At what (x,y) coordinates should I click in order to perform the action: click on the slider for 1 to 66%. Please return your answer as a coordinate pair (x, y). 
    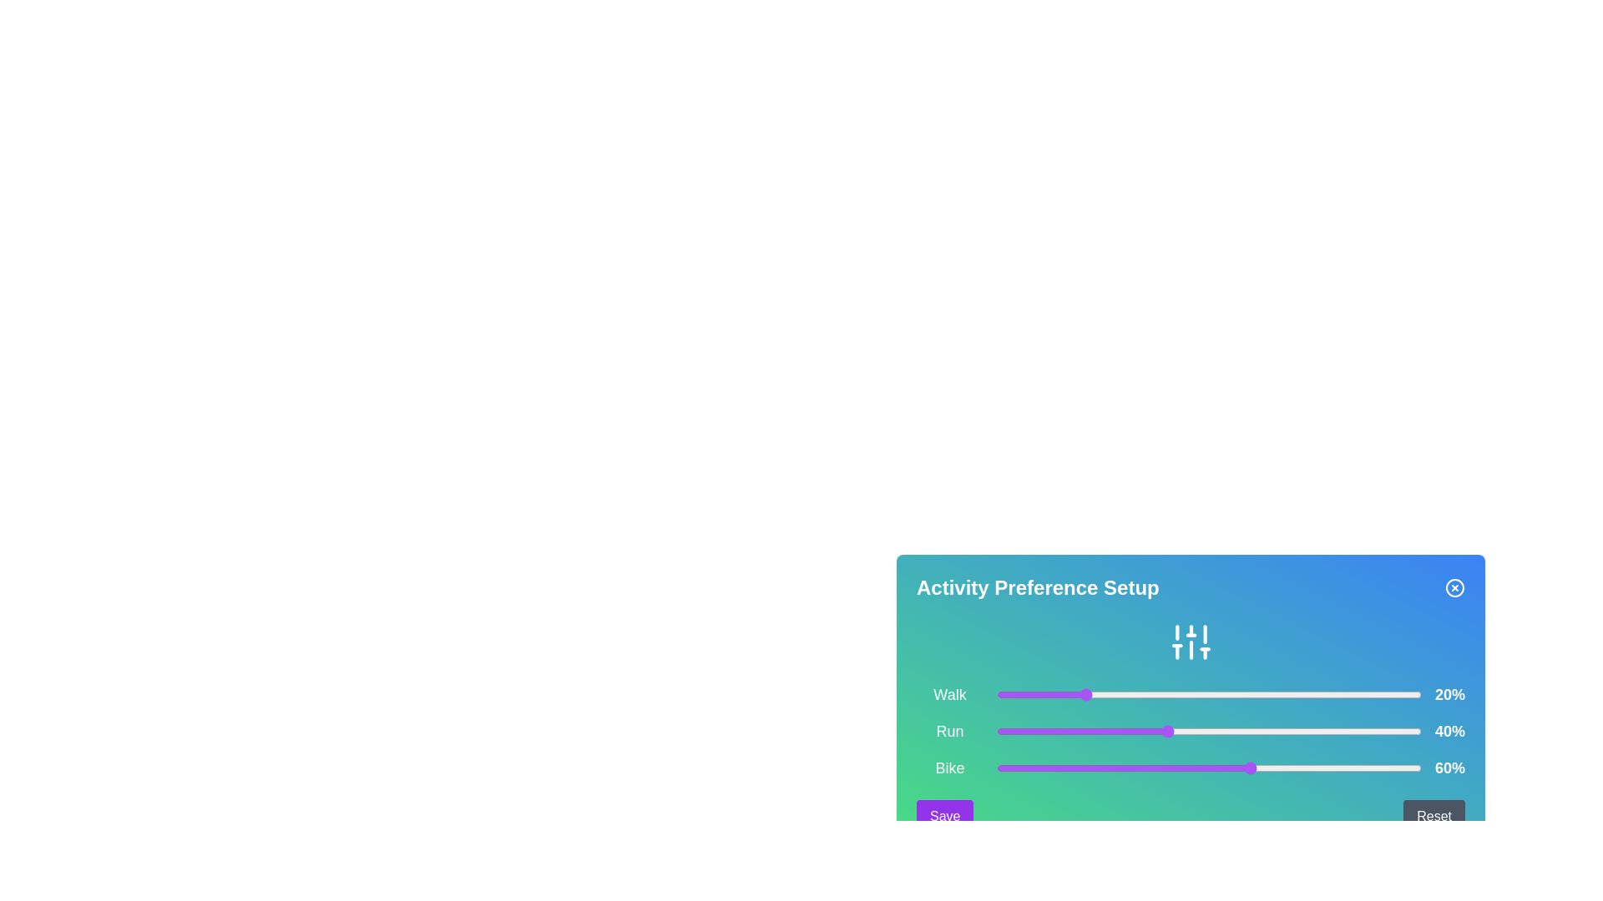
    Looking at the image, I should click on (1276, 730).